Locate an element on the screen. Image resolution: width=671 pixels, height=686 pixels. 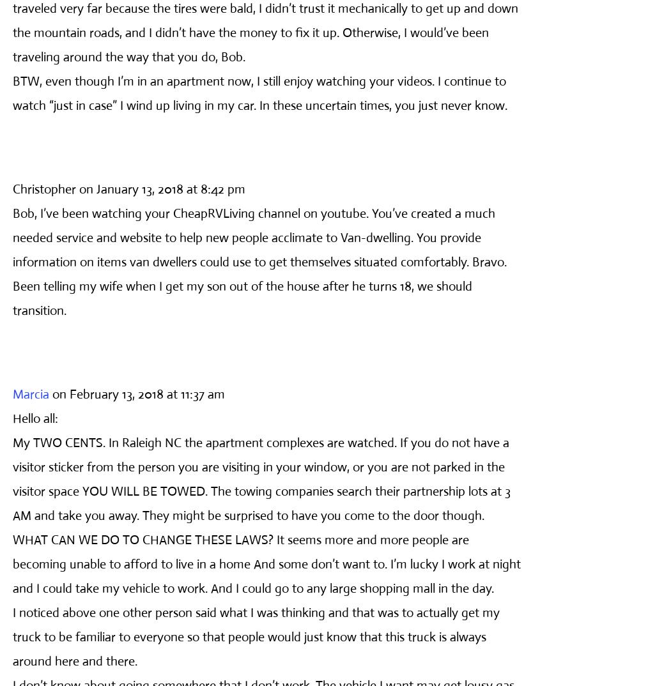
'Marcia' is located at coordinates (30, 393).